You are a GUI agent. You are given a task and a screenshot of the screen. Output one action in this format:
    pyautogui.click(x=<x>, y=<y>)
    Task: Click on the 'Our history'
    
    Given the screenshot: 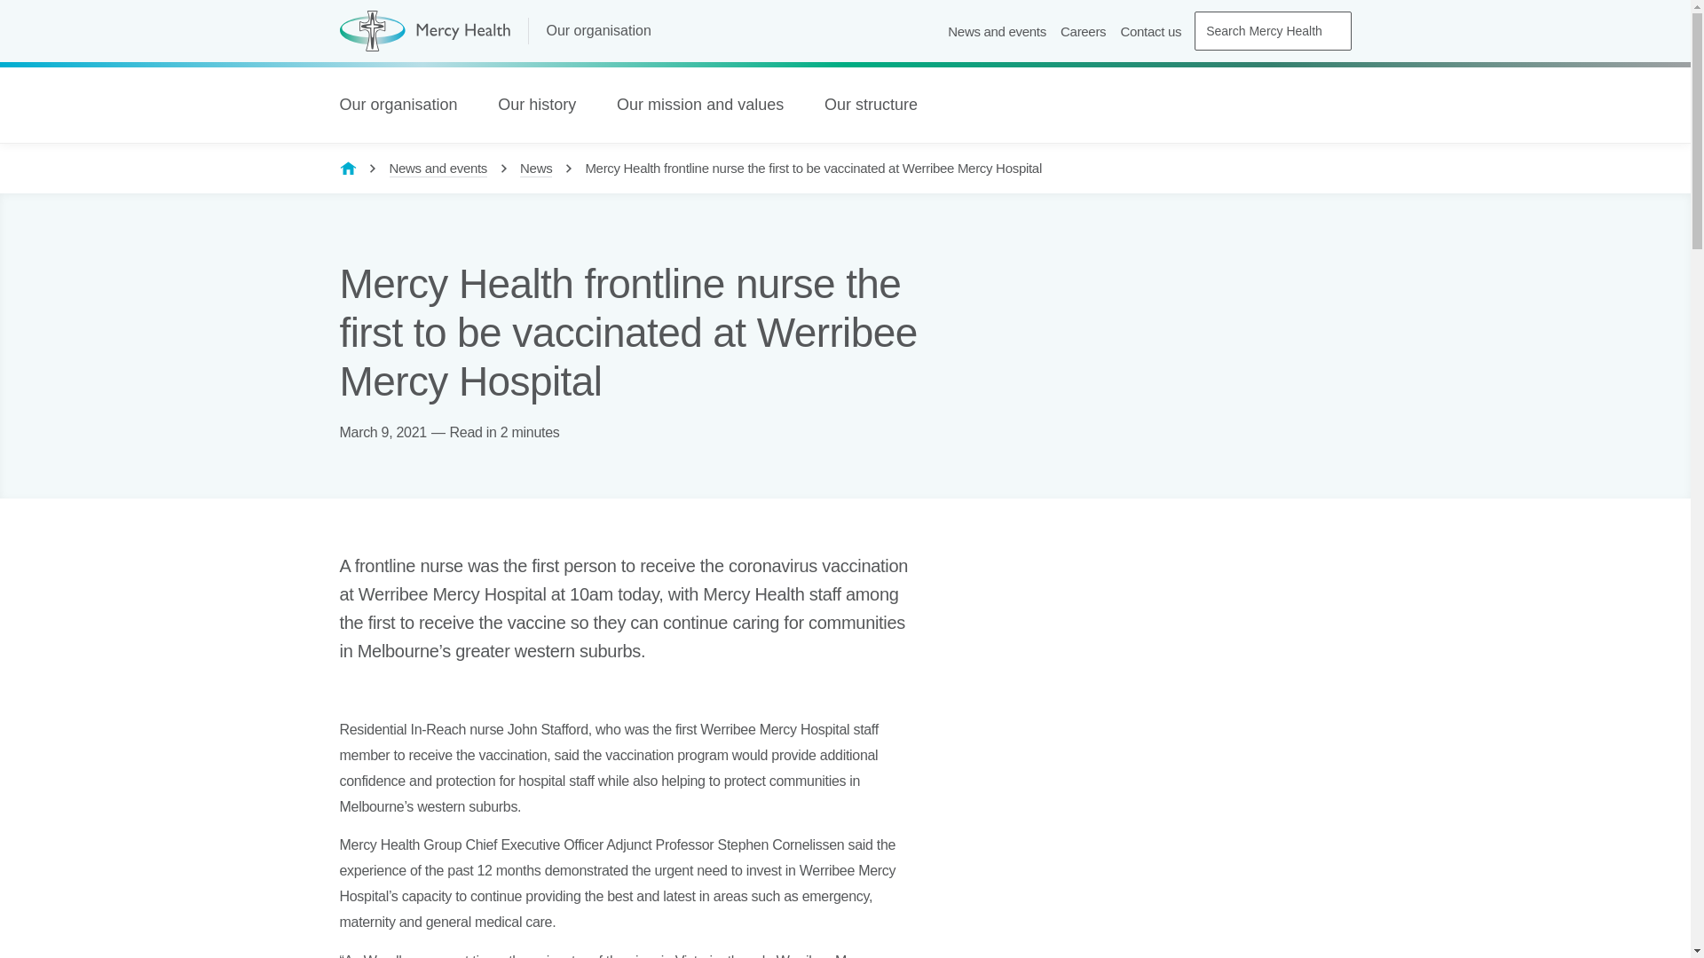 What is the action you would take?
    pyautogui.click(x=543, y=105)
    